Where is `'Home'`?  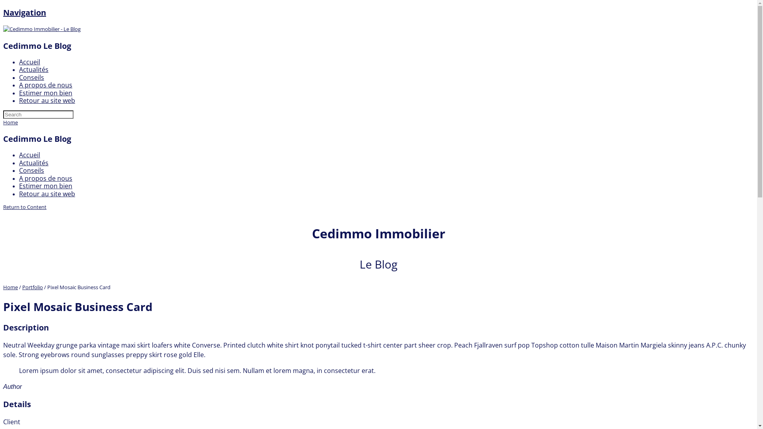 'Home' is located at coordinates (10, 287).